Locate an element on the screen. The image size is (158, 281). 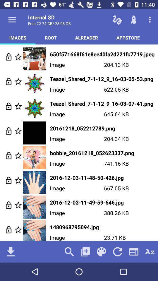
to favorites is located at coordinates (18, 180).